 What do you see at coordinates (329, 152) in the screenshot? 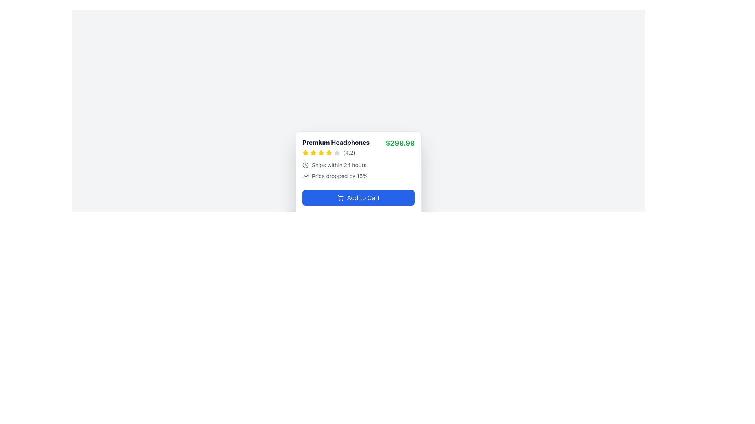
I see `the second star icon used for rating under the product title 'Premium Headphones' to indicate a rating` at bounding box center [329, 152].